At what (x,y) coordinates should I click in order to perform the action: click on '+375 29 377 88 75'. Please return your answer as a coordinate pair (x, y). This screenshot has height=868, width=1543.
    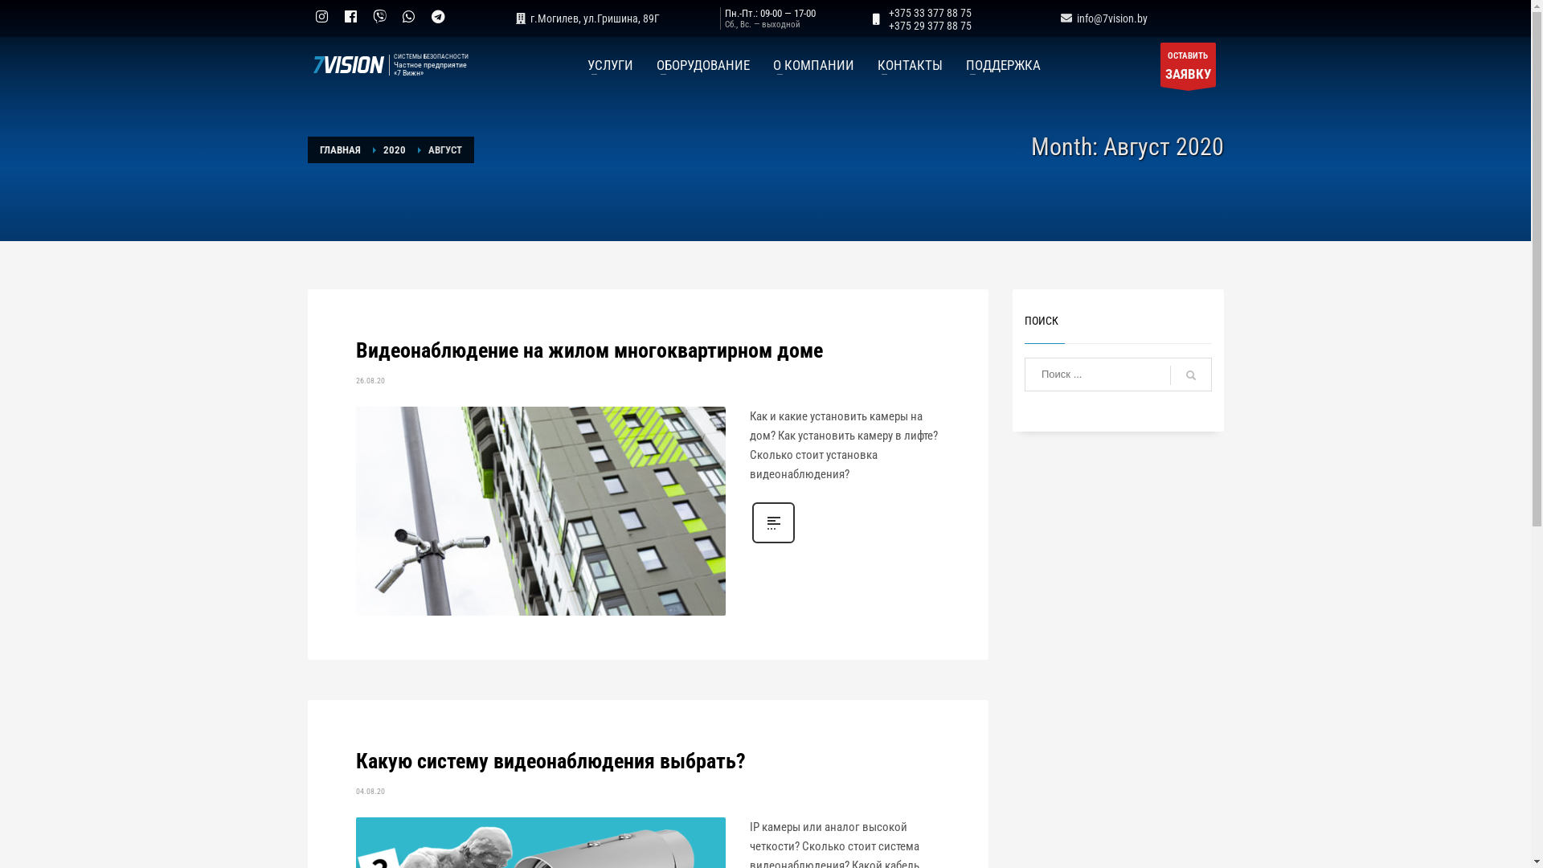
    Looking at the image, I should click on (887, 25).